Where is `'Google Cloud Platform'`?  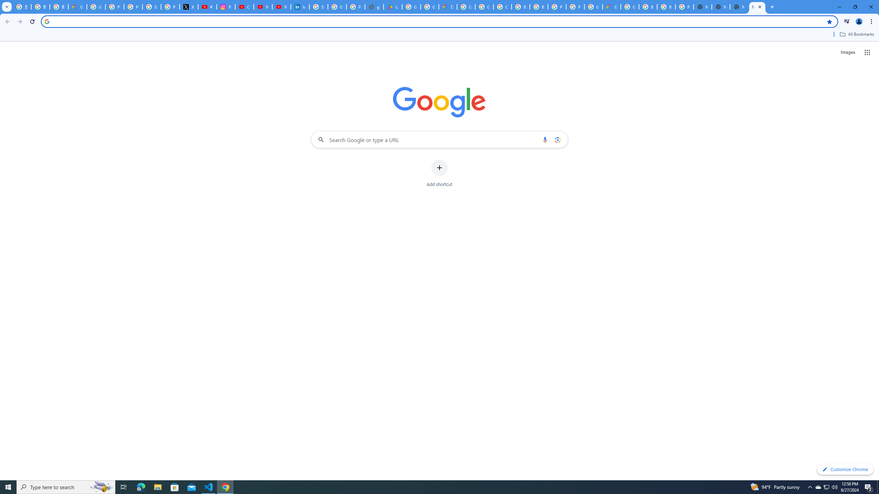
'Google Cloud Platform' is located at coordinates (630, 7).